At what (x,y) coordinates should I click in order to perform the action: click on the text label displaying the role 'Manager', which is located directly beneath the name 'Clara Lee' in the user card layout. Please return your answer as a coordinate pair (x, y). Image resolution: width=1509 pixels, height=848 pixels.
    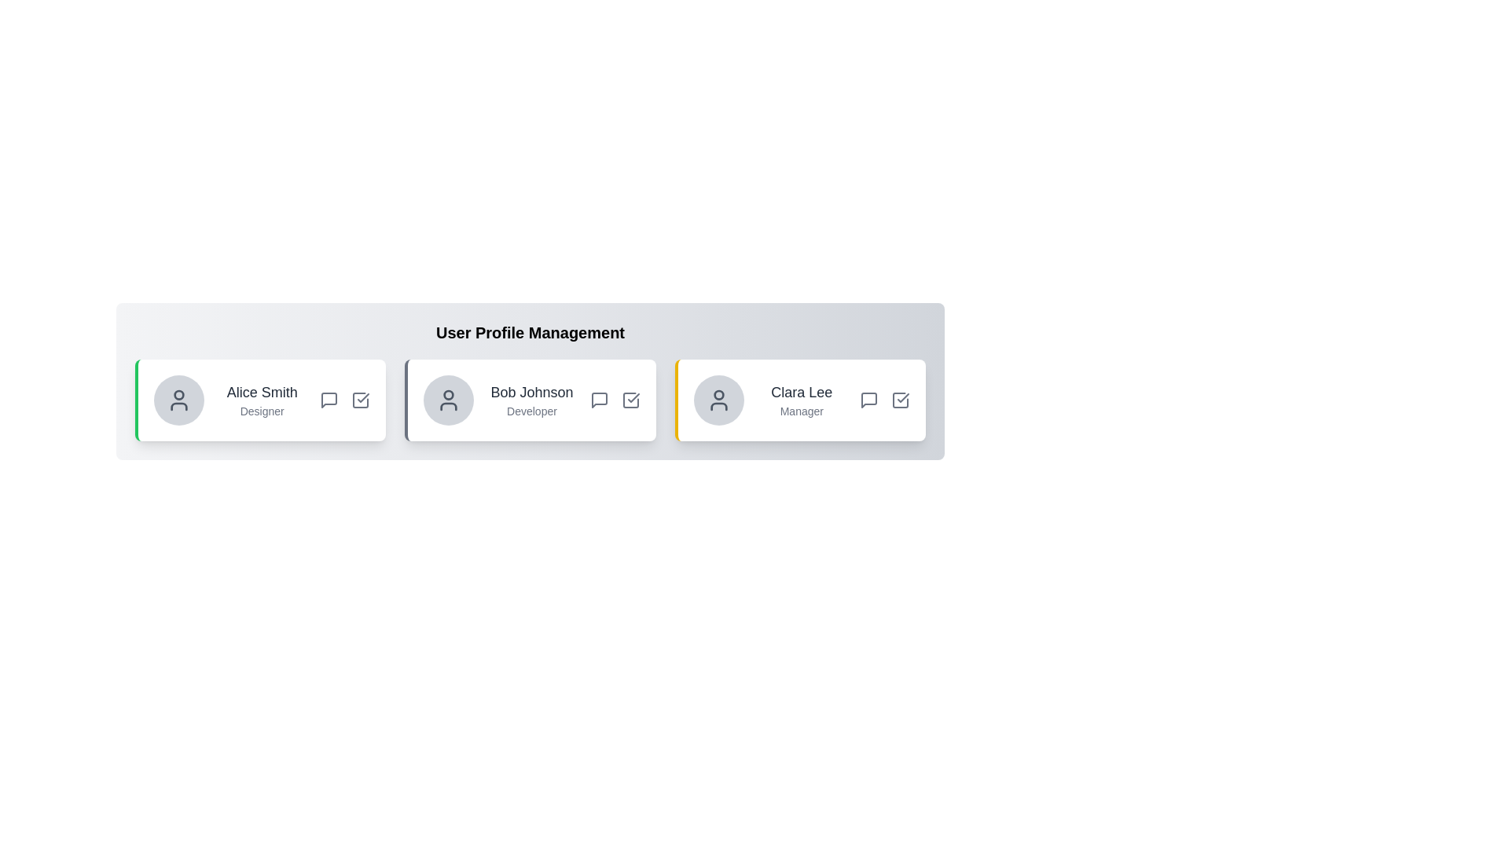
    Looking at the image, I should click on (802, 411).